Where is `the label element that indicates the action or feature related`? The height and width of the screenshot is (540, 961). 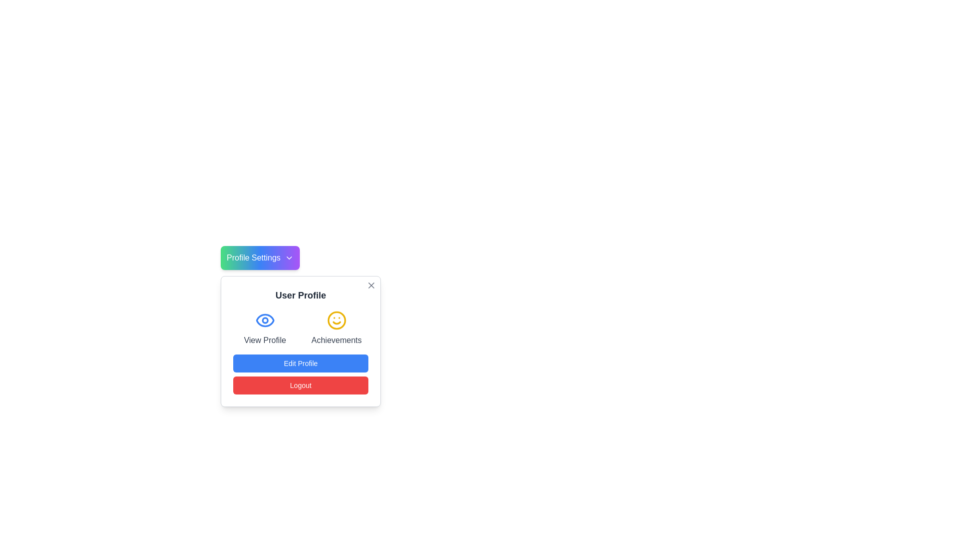 the label element that indicates the action or feature related is located at coordinates (265, 340).